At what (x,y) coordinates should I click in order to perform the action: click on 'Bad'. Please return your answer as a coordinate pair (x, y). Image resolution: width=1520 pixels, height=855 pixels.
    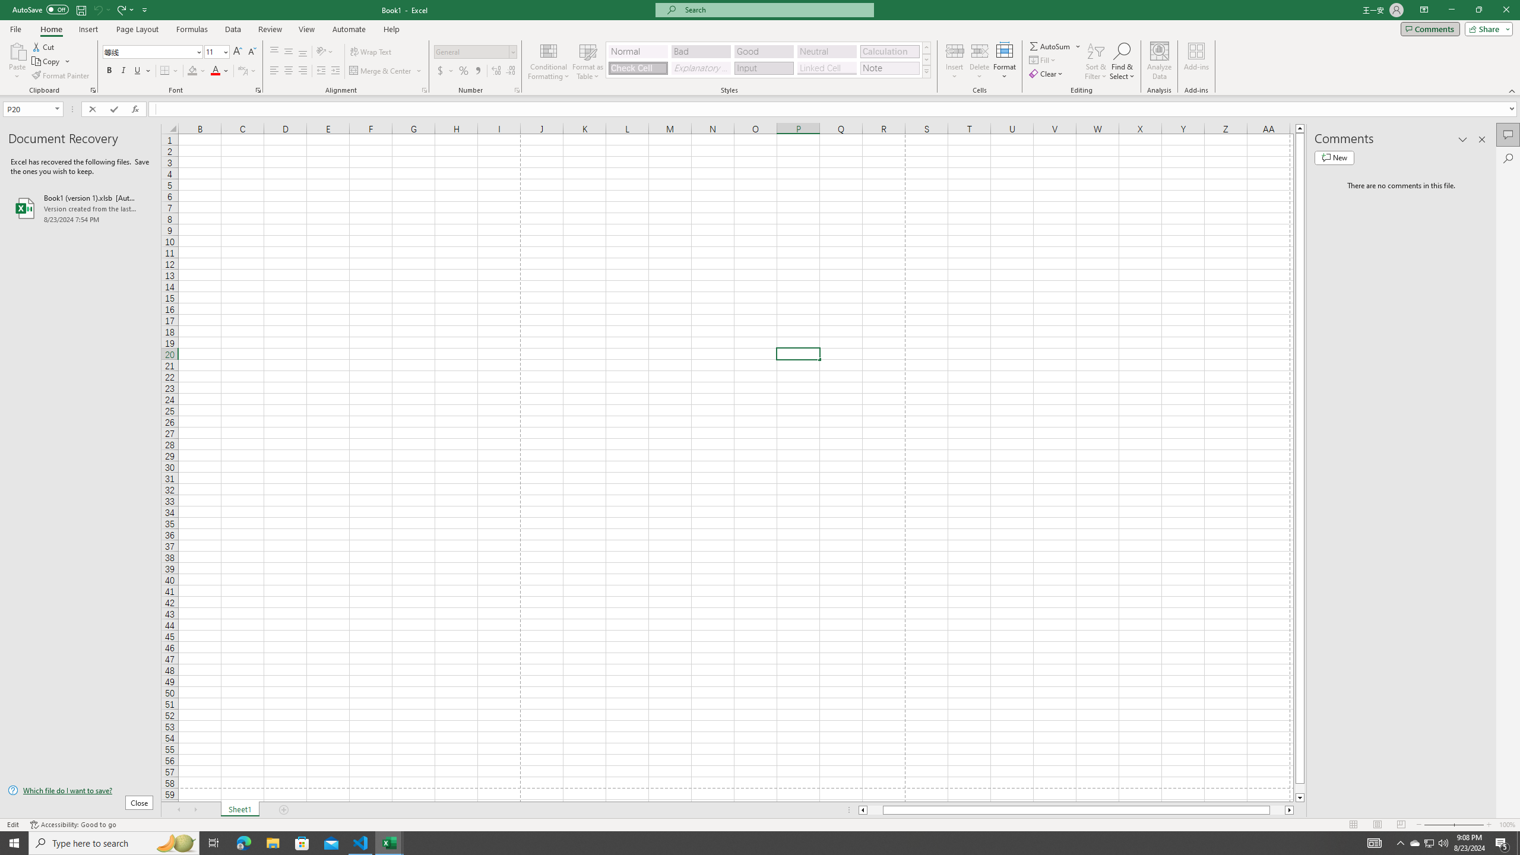
    Looking at the image, I should click on (701, 52).